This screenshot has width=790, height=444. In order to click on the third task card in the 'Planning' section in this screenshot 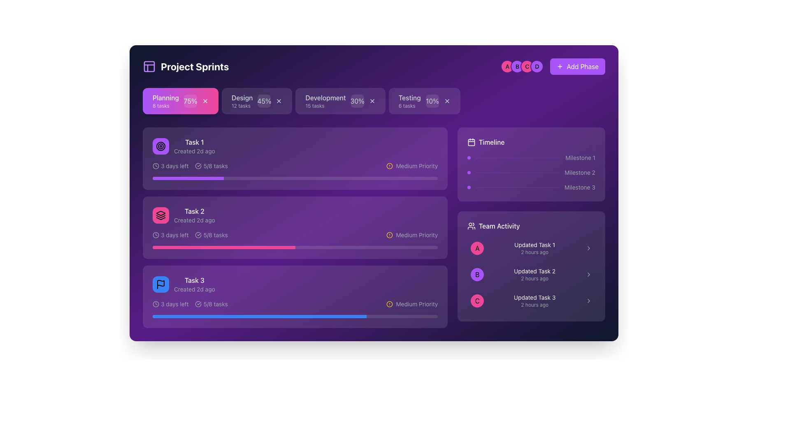, I will do `click(295, 296)`.